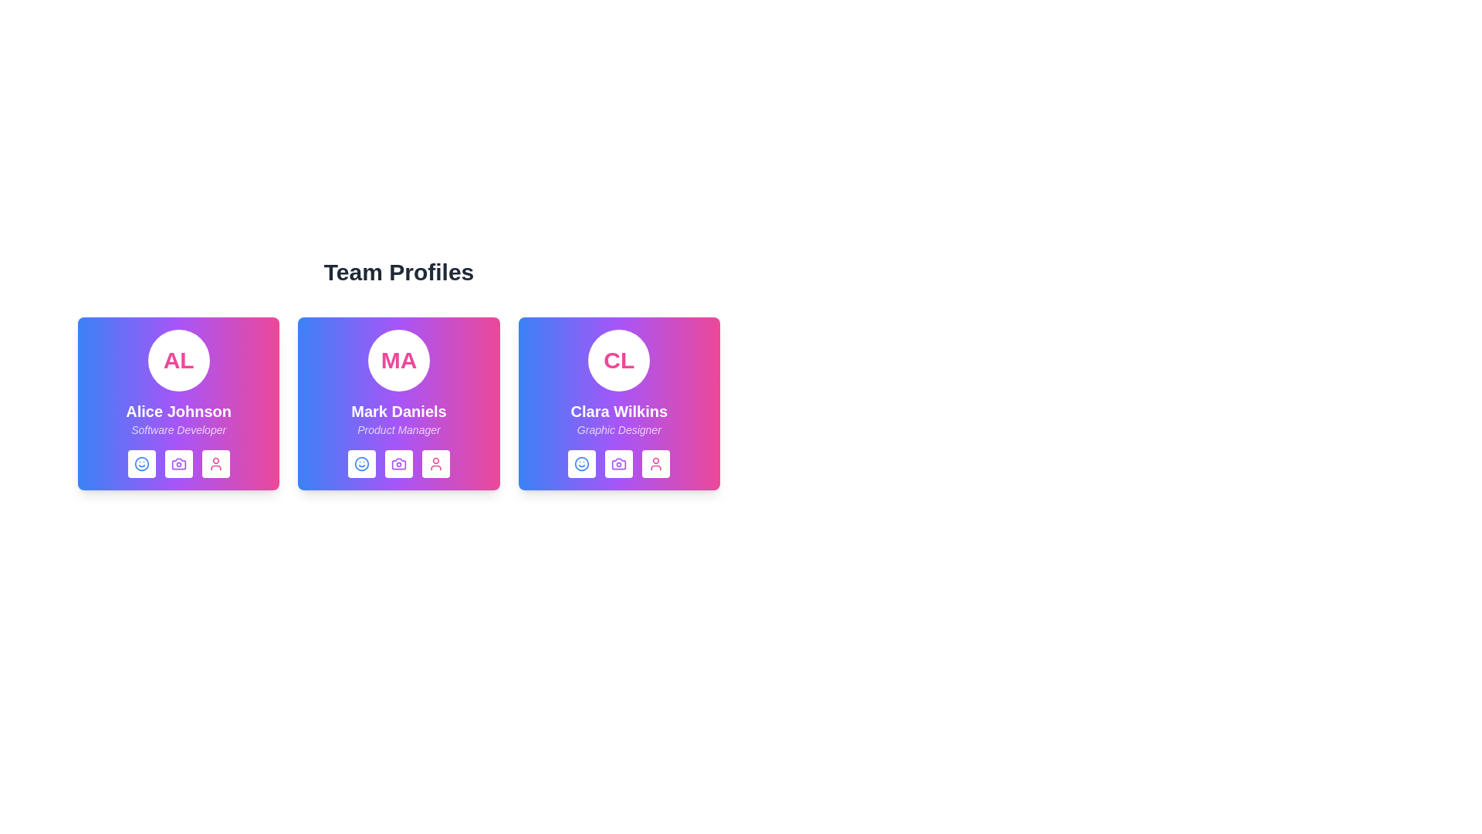 The height and width of the screenshot is (834, 1482). What do you see at coordinates (399, 463) in the screenshot?
I see `the camera icon embedded in the button component located at the bottom center of the profile card for Mark Daniels` at bounding box center [399, 463].